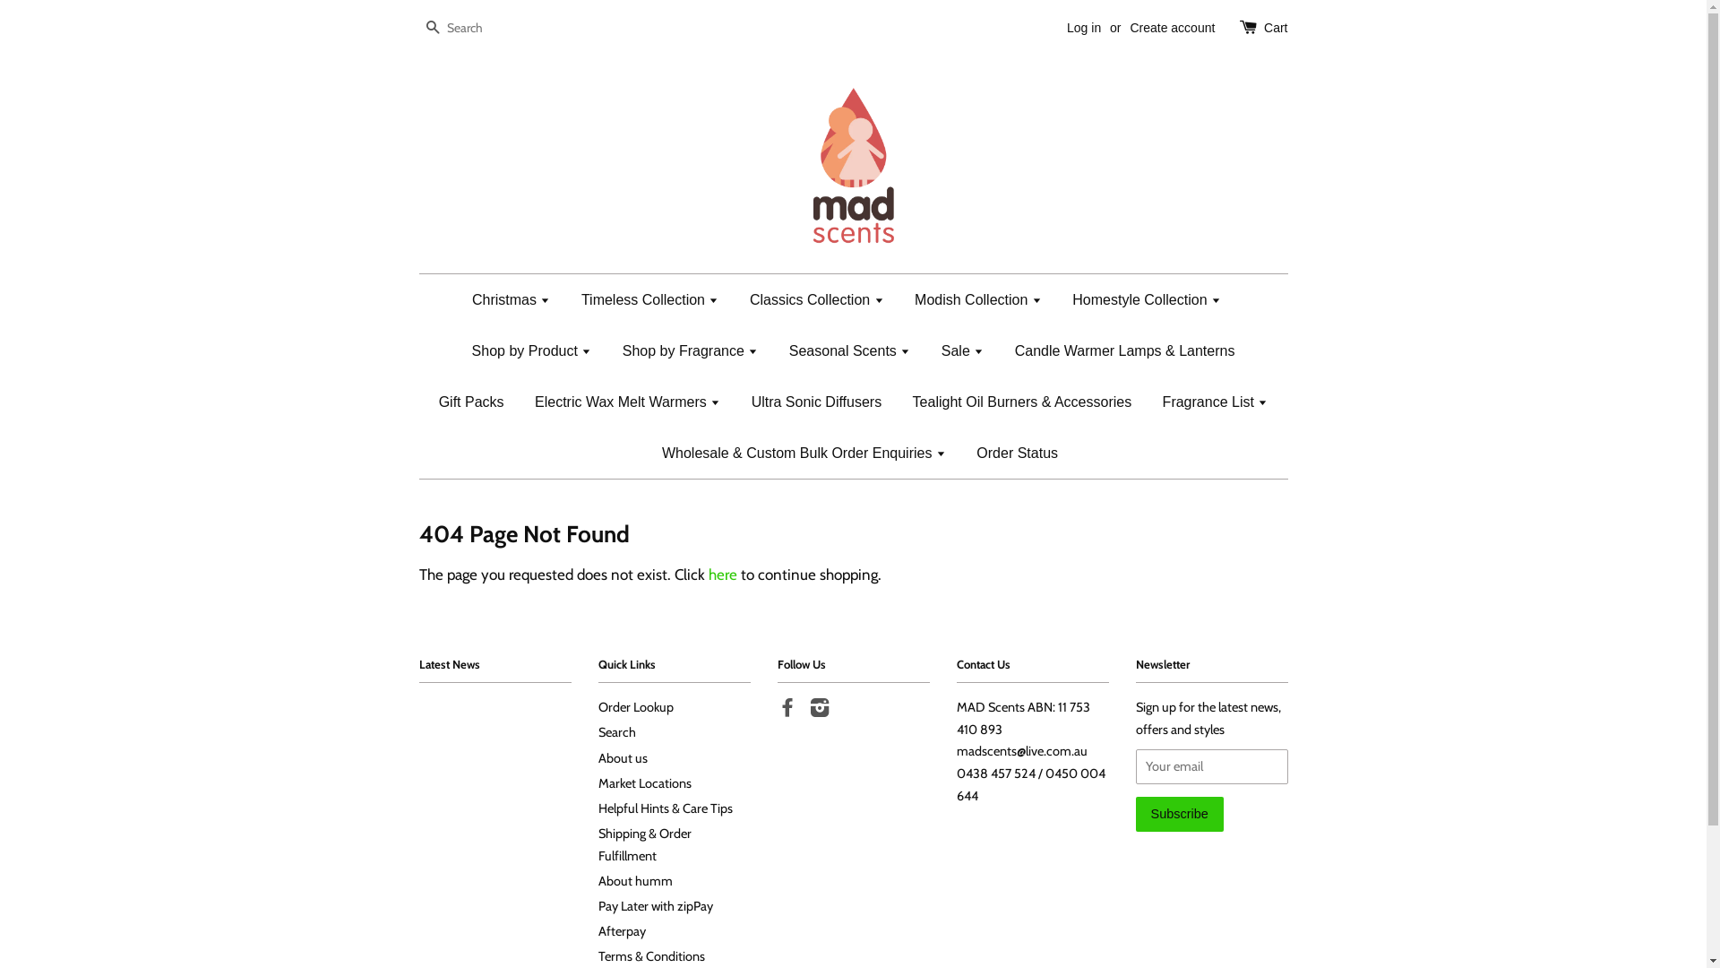 This screenshot has height=968, width=1720. What do you see at coordinates (1275, 28) in the screenshot?
I see `'Cart'` at bounding box center [1275, 28].